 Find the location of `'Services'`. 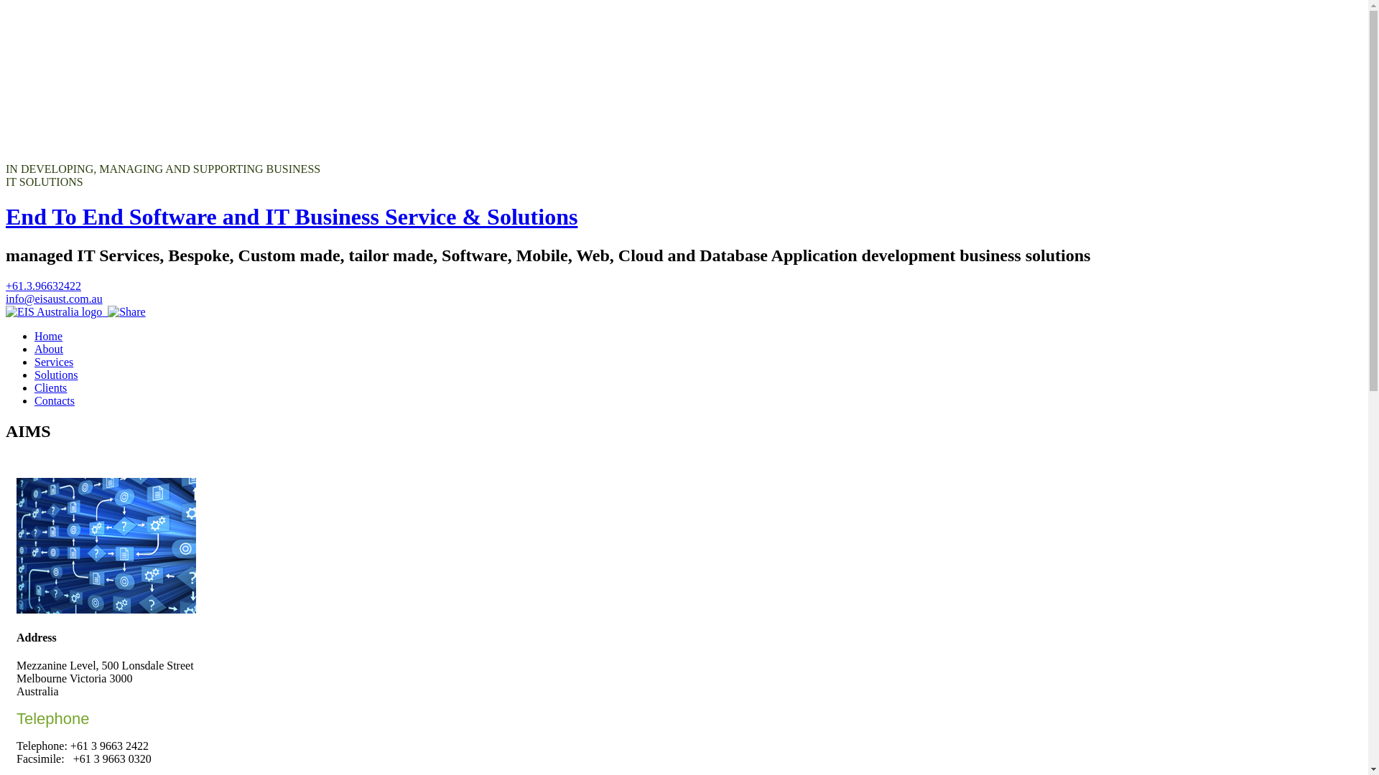

'Services' is located at coordinates (34, 361).